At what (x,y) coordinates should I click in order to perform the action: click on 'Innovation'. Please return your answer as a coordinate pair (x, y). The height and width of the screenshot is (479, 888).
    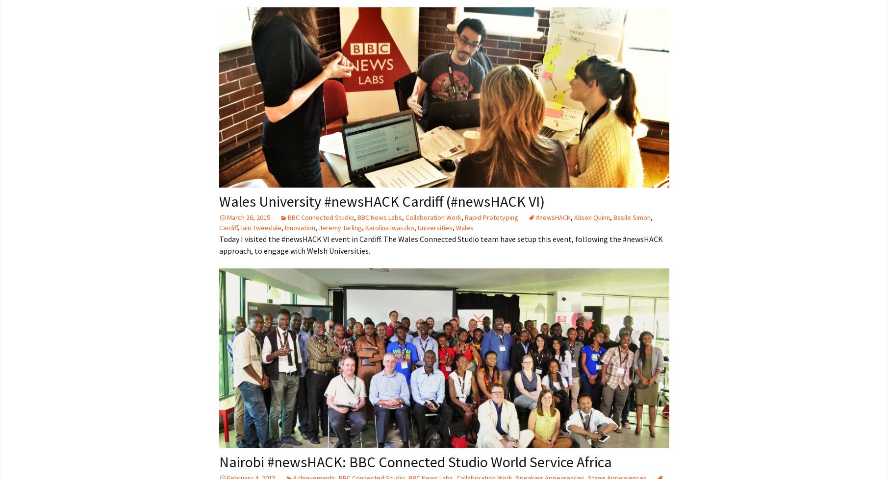
    Looking at the image, I should click on (300, 226).